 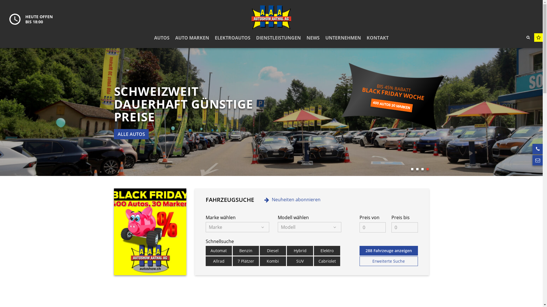 I want to click on 'phone', so click(x=537, y=149).